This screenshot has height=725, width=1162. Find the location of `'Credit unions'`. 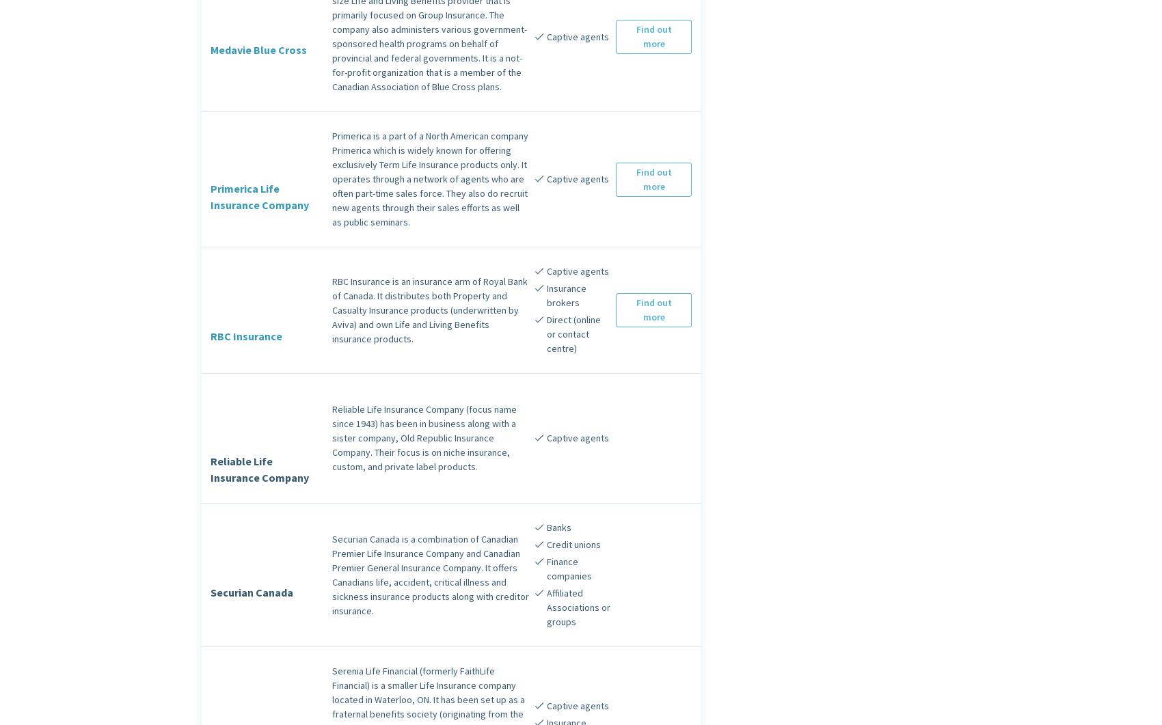

'Credit unions' is located at coordinates (572, 545).